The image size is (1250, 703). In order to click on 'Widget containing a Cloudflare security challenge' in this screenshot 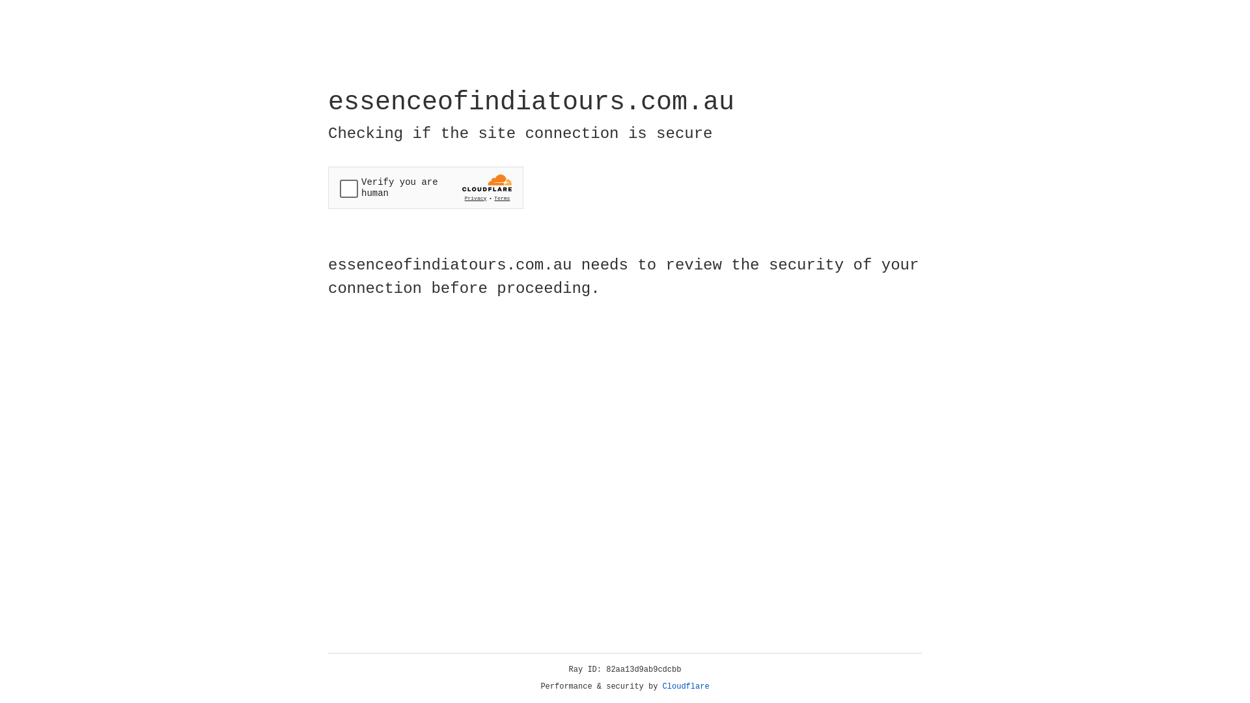, I will do `click(425, 187)`.